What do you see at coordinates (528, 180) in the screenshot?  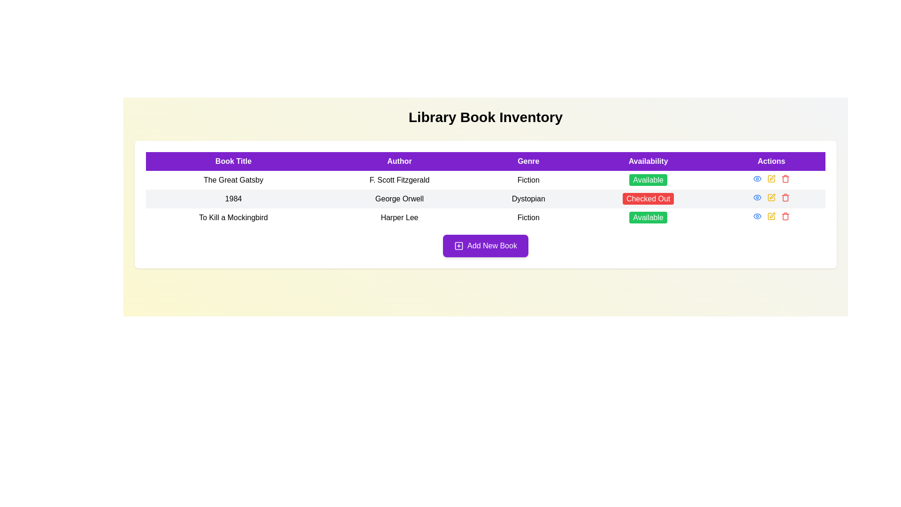 I see `the static text label displaying 'Fiction' in the Genre column of the first row for the book 'The Great Gatsby'` at bounding box center [528, 180].